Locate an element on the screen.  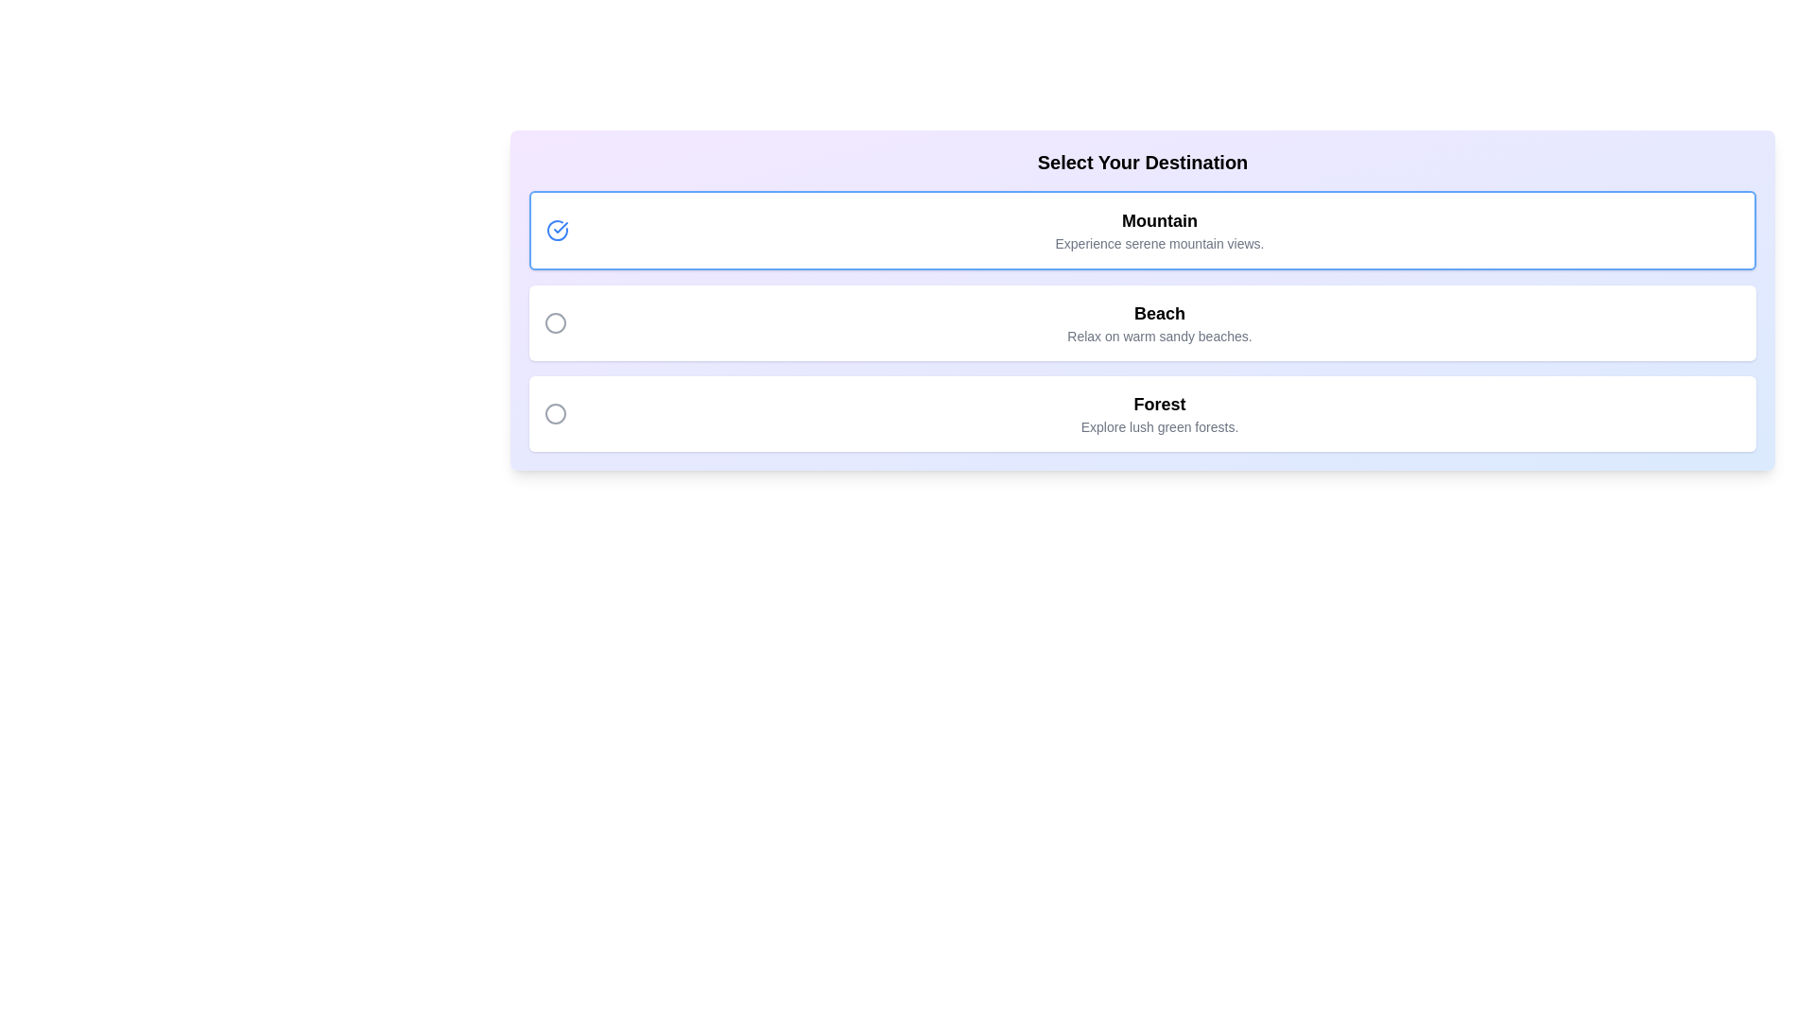
the radio button indicator (circle outline) in the 'Forest' option group located in the lower-right quadrant of the interface is located at coordinates (555, 413).